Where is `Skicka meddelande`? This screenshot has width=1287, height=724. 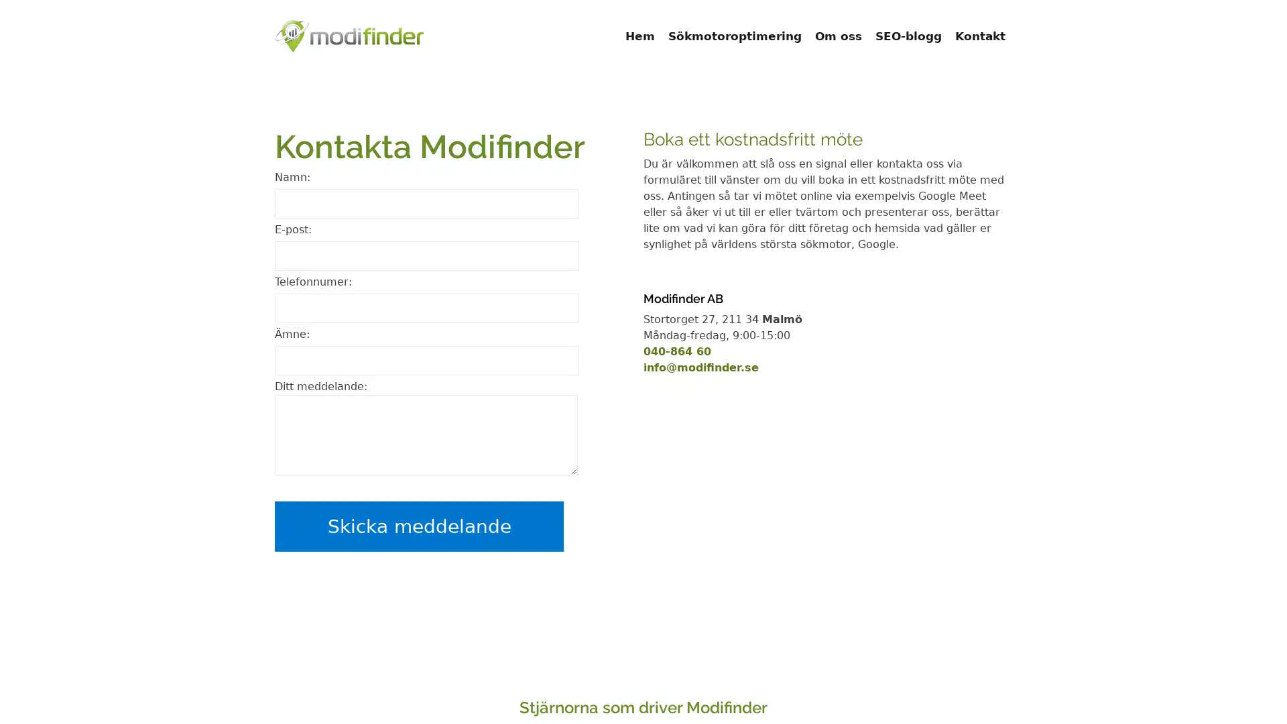
Skicka meddelande is located at coordinates (418, 525).